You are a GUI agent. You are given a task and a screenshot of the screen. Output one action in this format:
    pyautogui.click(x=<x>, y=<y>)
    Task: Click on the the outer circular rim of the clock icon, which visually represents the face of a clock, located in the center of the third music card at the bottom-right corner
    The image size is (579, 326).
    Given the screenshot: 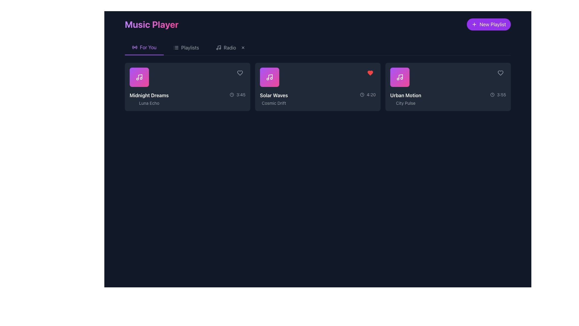 What is the action you would take?
    pyautogui.click(x=492, y=94)
    